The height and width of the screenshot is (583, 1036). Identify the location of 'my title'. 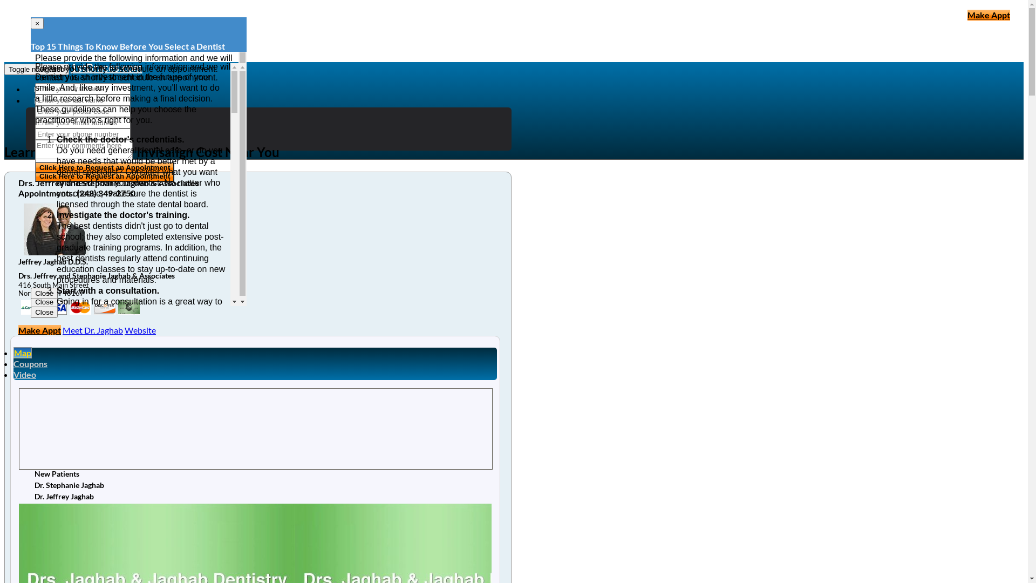
(104, 307).